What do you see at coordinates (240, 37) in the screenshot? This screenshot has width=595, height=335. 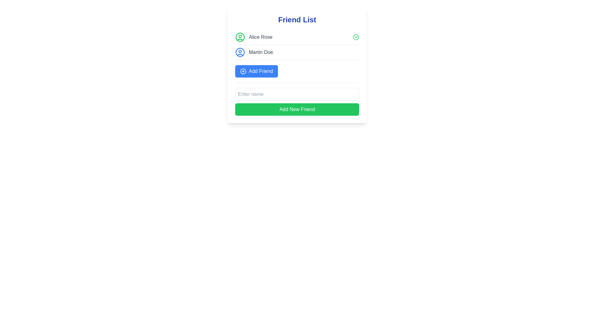 I see `the user icon representing 'Alice Rose' in the 'Friend List' section` at bounding box center [240, 37].